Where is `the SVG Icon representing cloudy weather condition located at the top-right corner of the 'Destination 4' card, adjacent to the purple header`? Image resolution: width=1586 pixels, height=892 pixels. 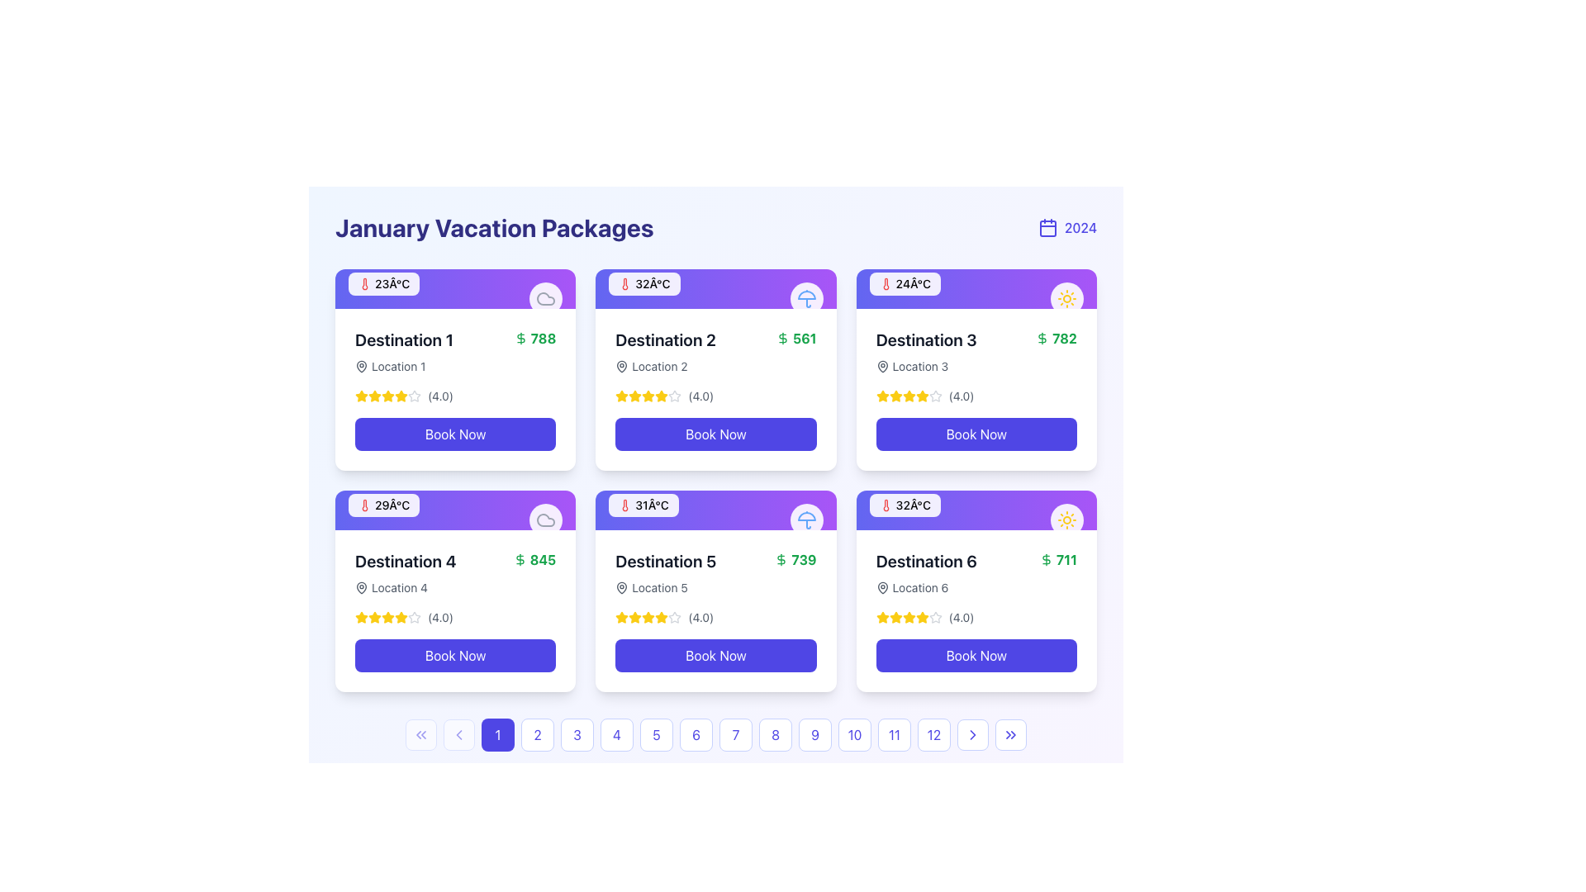
the SVG Icon representing cloudy weather condition located at the top-right corner of the 'Destination 4' card, adjacent to the purple header is located at coordinates (546, 299).